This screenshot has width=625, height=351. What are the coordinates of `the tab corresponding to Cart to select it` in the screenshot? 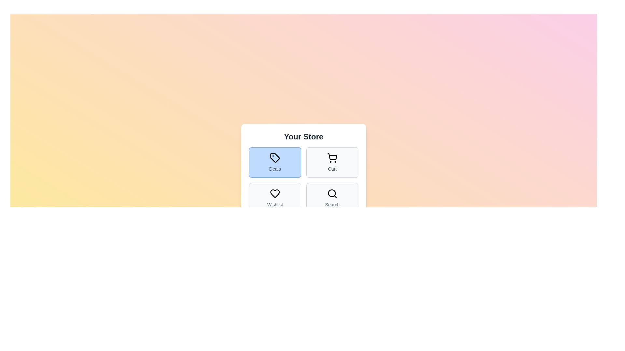 It's located at (332, 162).